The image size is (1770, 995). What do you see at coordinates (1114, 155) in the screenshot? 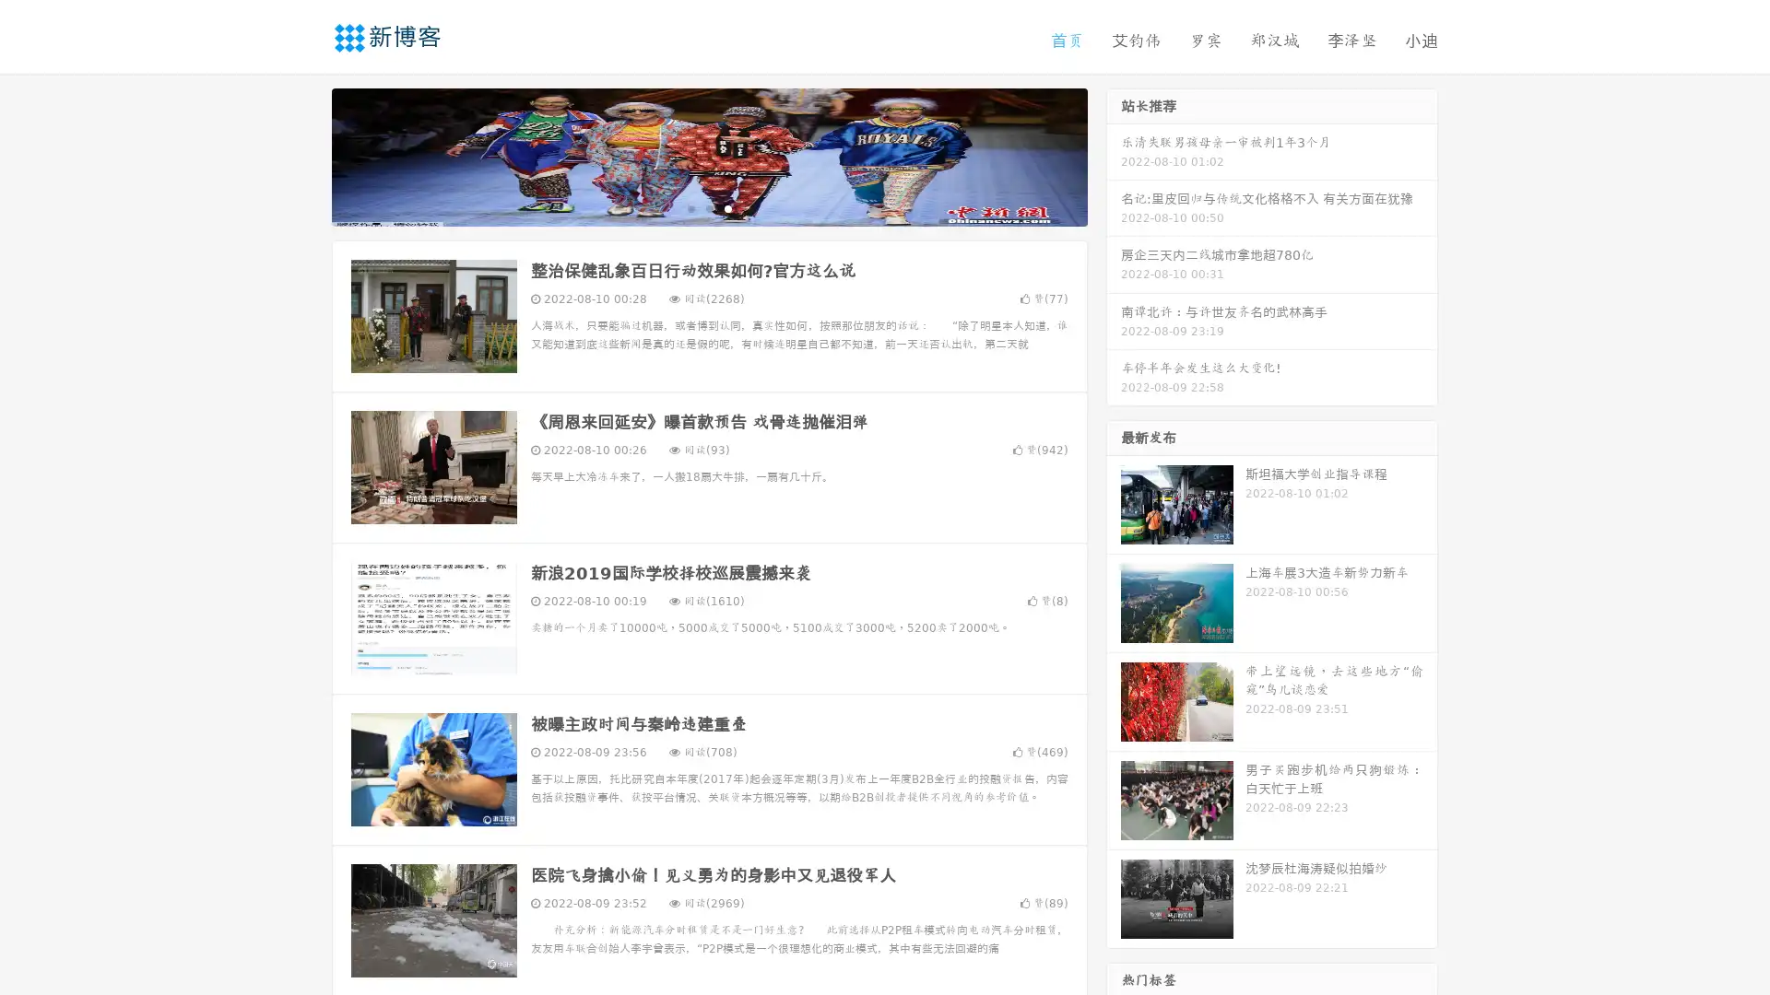
I see `Next slide` at bounding box center [1114, 155].